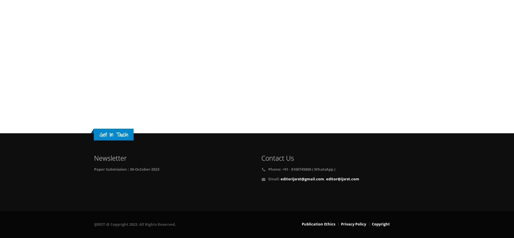 This screenshot has height=238, width=514. I want to click on '+91 - 8160745806 ( WhatsApp )', so click(308, 169).